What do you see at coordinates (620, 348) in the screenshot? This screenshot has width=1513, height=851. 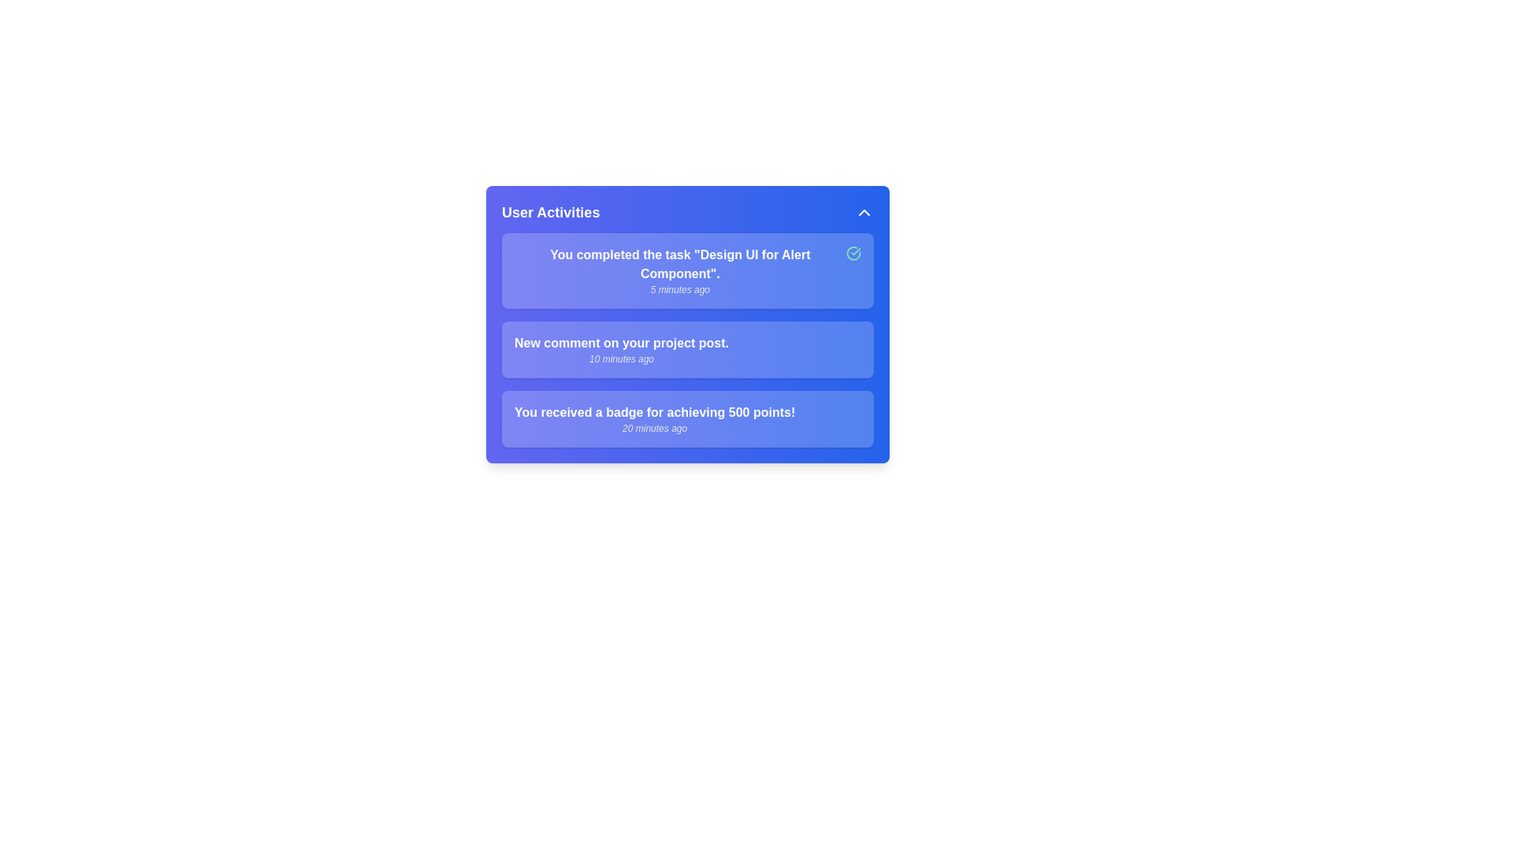 I see `notification content displayed in the text block styled with multiple fonts and colors, specifically the message 'New comment on your project post.'` at bounding box center [620, 348].